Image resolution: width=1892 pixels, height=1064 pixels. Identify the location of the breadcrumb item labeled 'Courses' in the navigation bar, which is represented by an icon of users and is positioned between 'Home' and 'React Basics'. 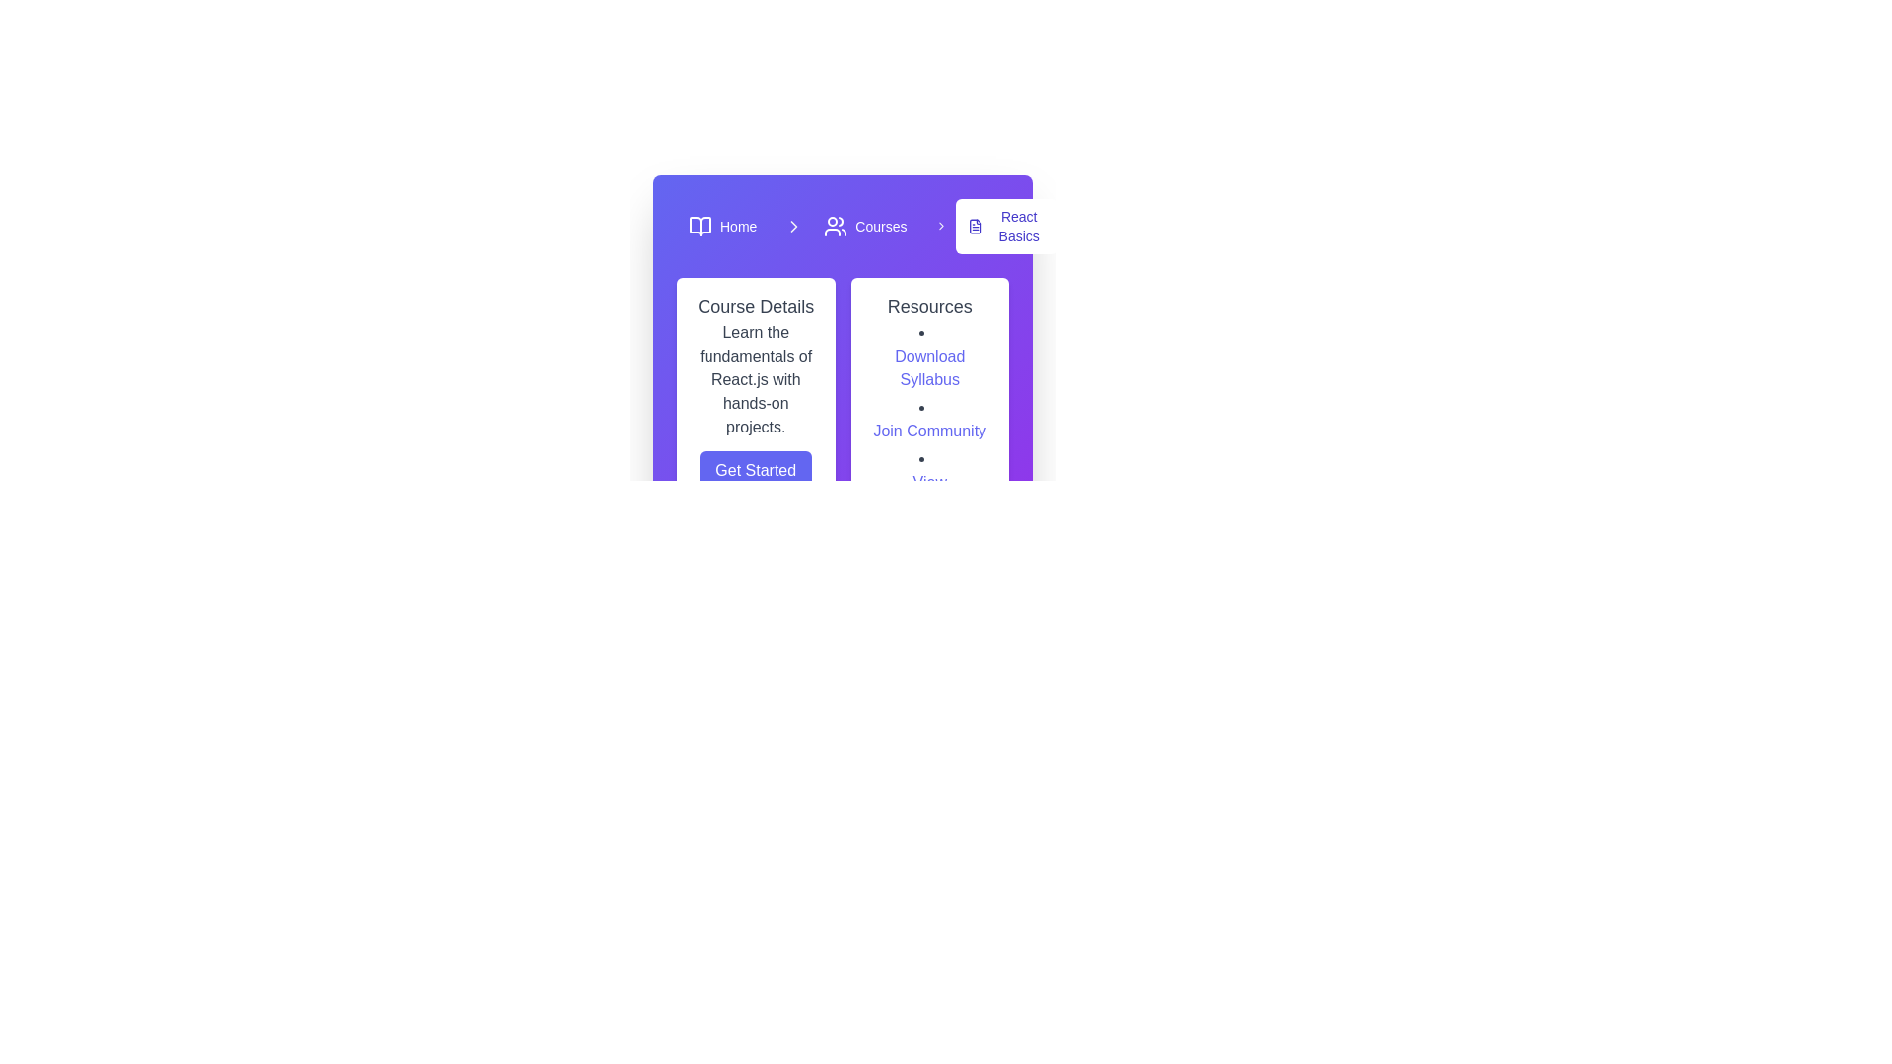
(851, 226).